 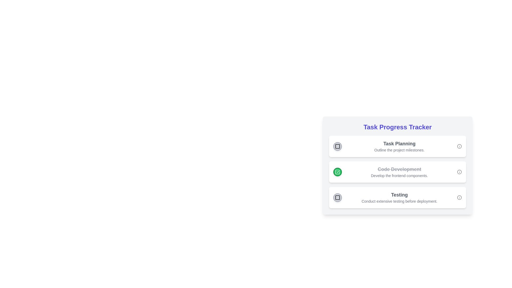 What do you see at coordinates (337, 172) in the screenshot?
I see `the circular button with an icon located in the second row of the 'Task Progress Tracker' card, to toggle the completion state of the associated task` at bounding box center [337, 172].